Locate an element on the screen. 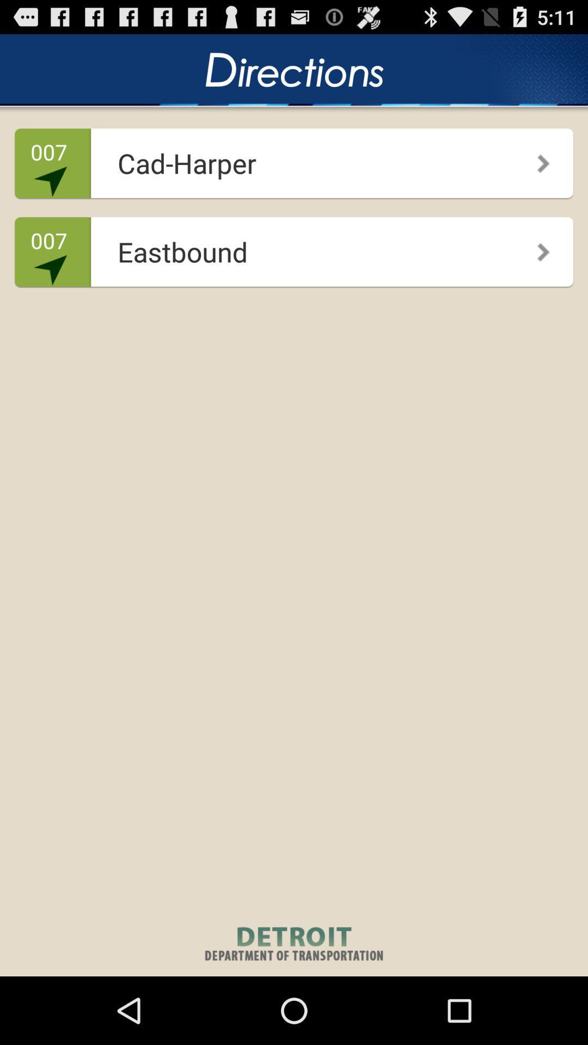 The image size is (588, 1045). item below cad-harper app is located at coordinates (535, 248).